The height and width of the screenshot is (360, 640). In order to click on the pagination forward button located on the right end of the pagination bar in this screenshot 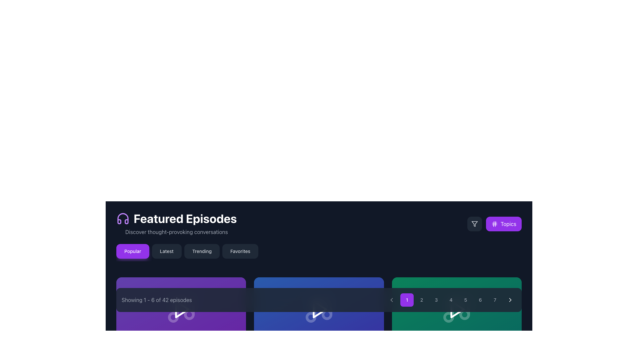, I will do `click(510, 299)`.